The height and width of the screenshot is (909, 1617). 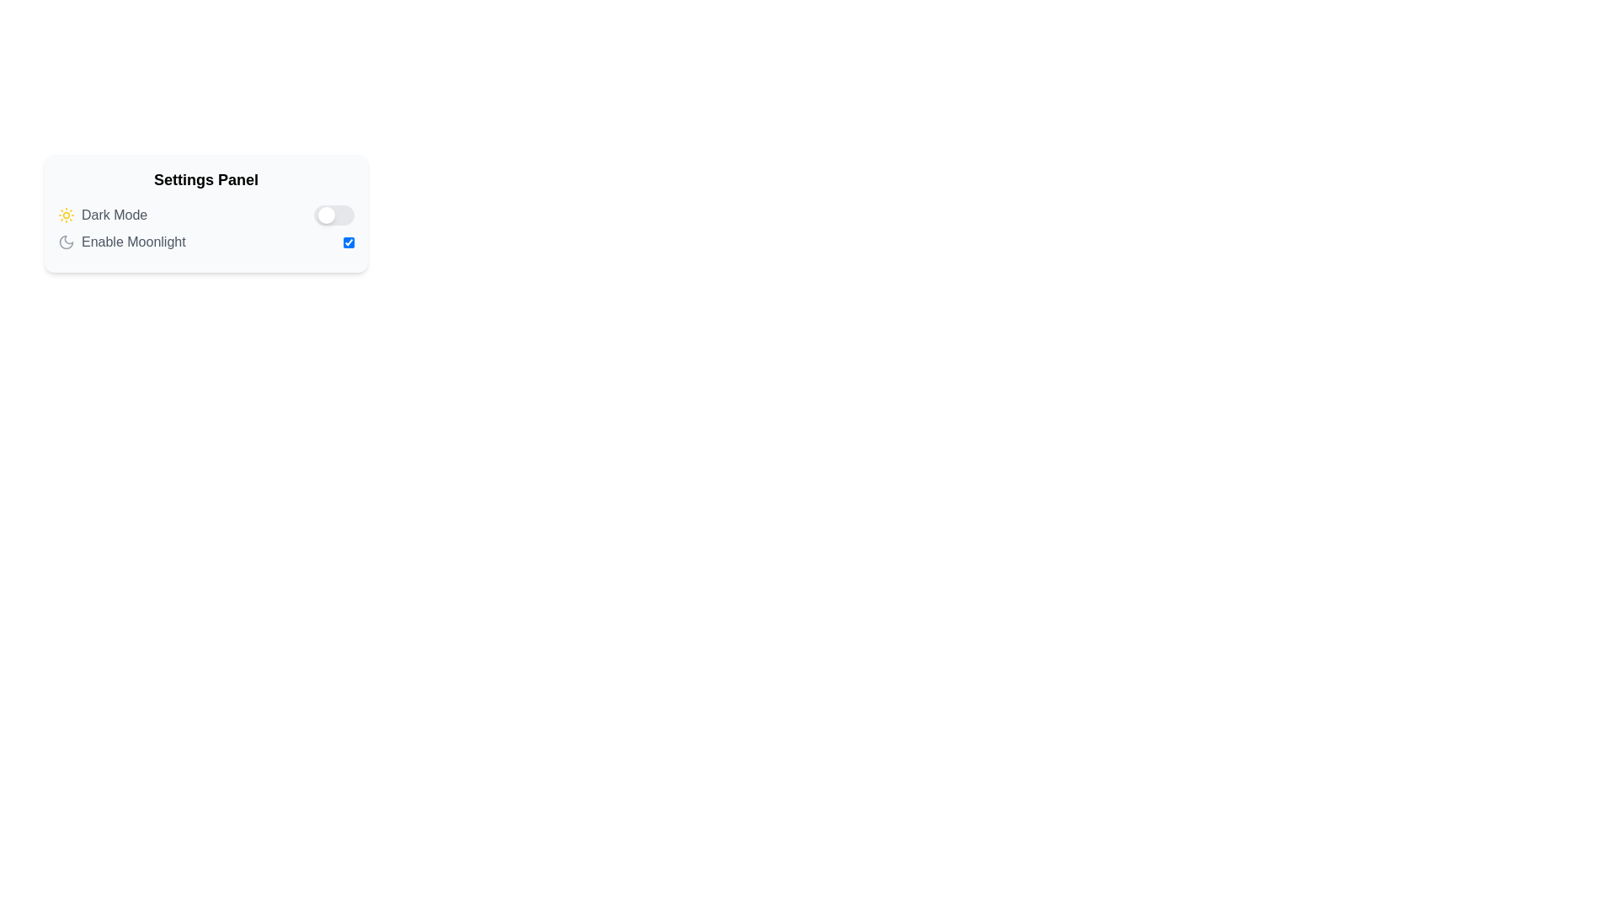 I want to click on the checkbox, so click(x=348, y=242).